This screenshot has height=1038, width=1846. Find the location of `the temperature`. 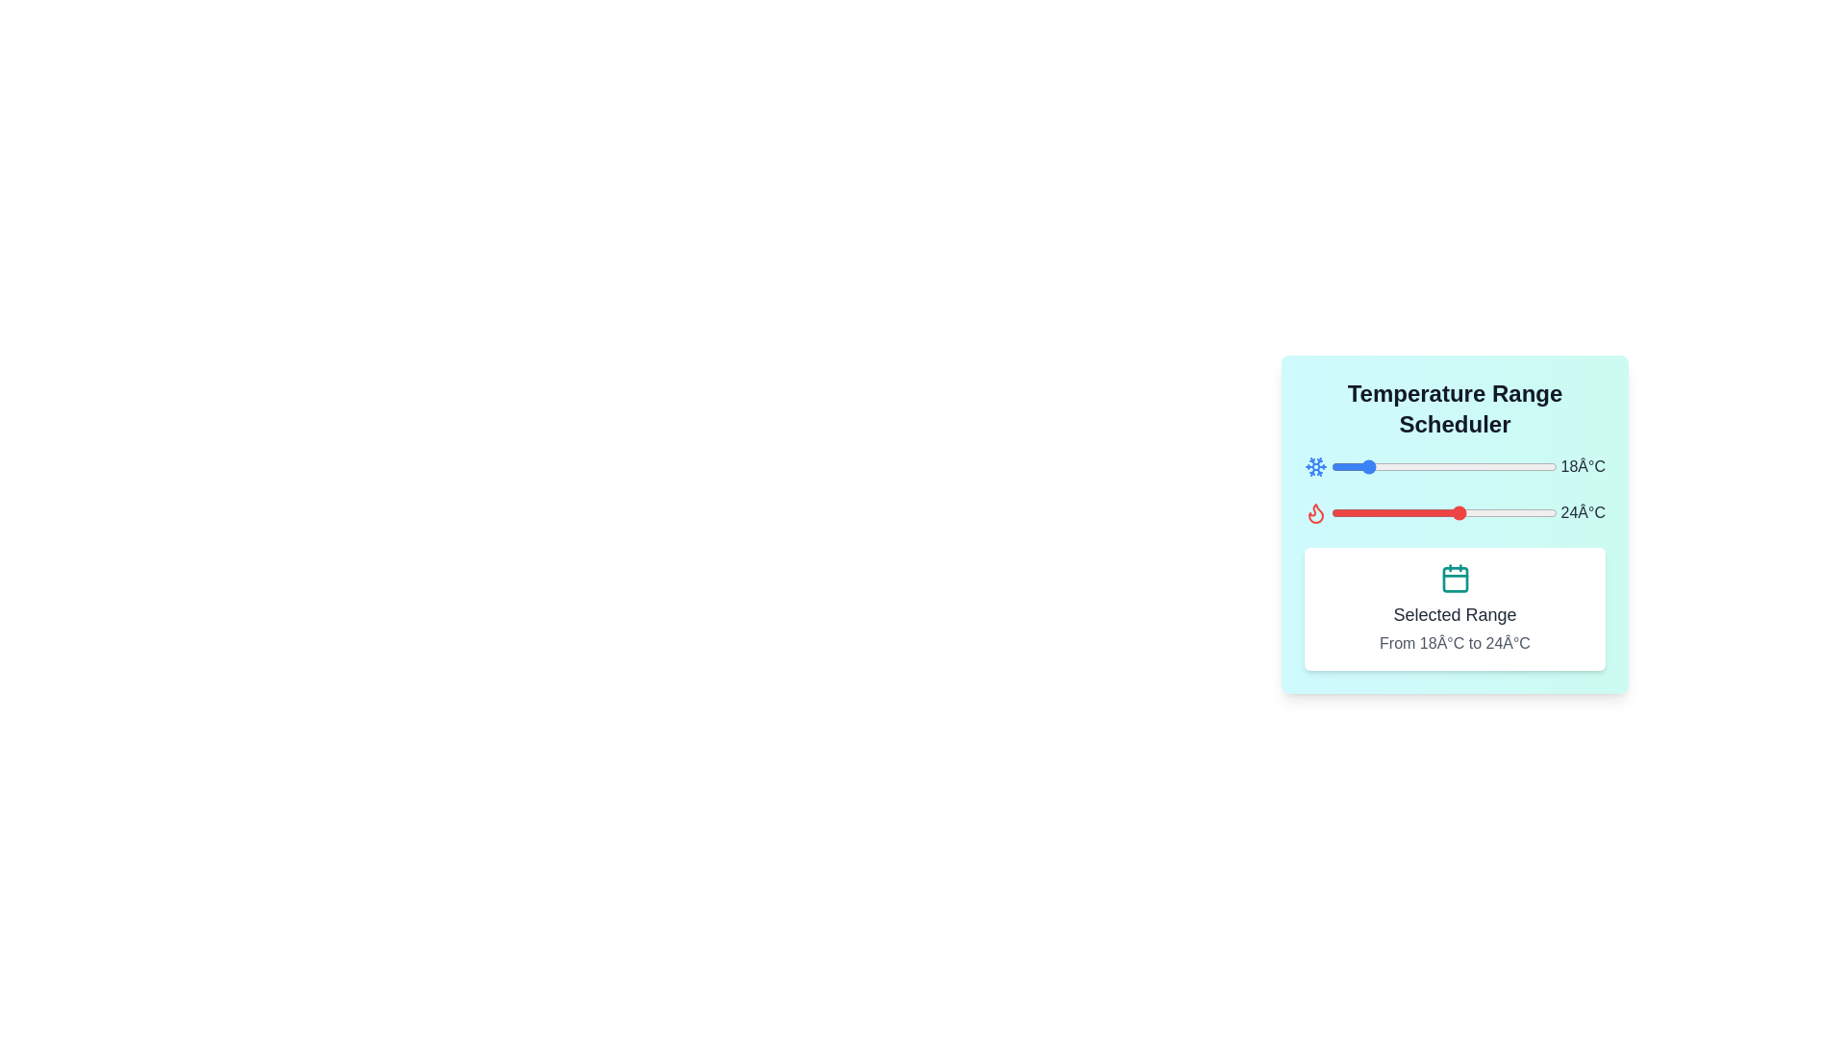

the temperature is located at coordinates (1444, 511).